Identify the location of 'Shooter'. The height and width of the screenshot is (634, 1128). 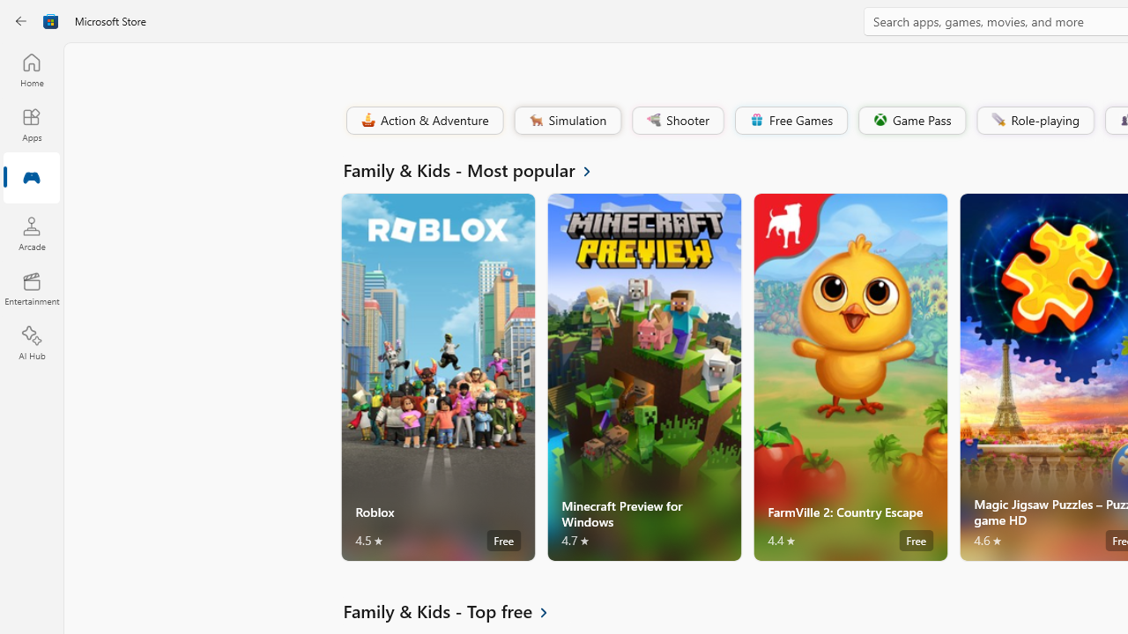
(676, 119).